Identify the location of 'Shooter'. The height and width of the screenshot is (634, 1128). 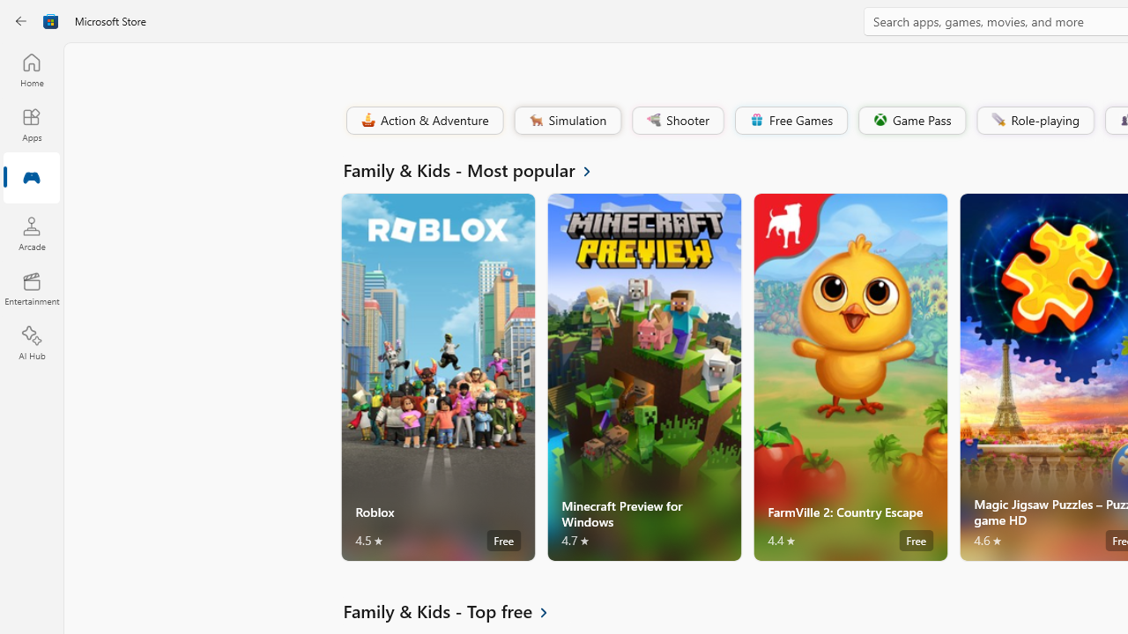
(676, 119).